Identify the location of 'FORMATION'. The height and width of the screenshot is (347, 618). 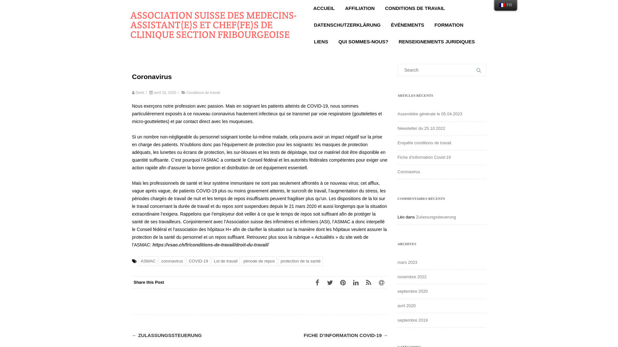
(449, 24).